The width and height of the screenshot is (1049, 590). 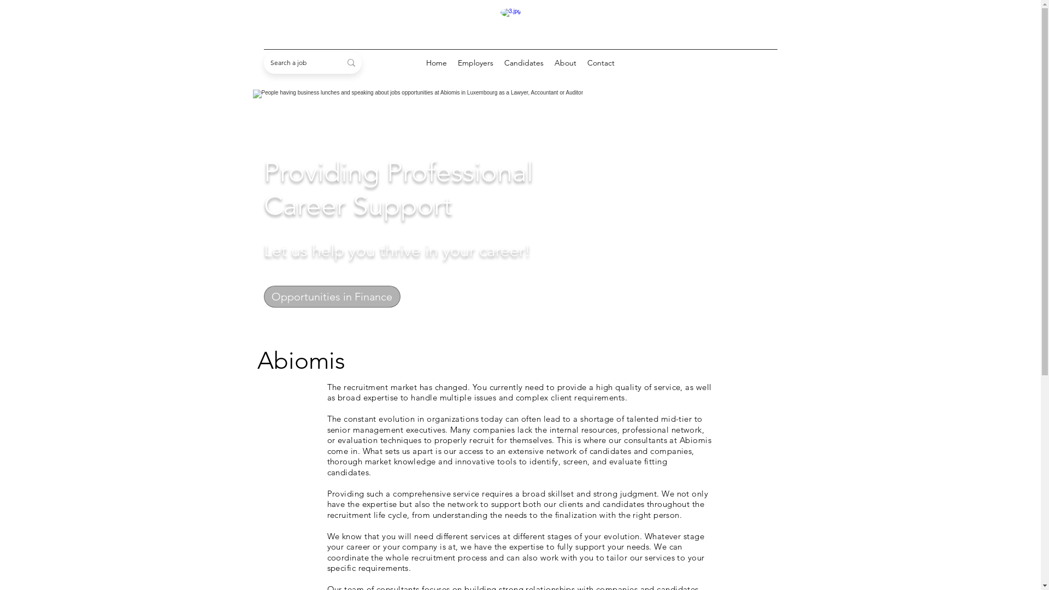 What do you see at coordinates (331, 296) in the screenshot?
I see `'Opportunities in Finance'` at bounding box center [331, 296].